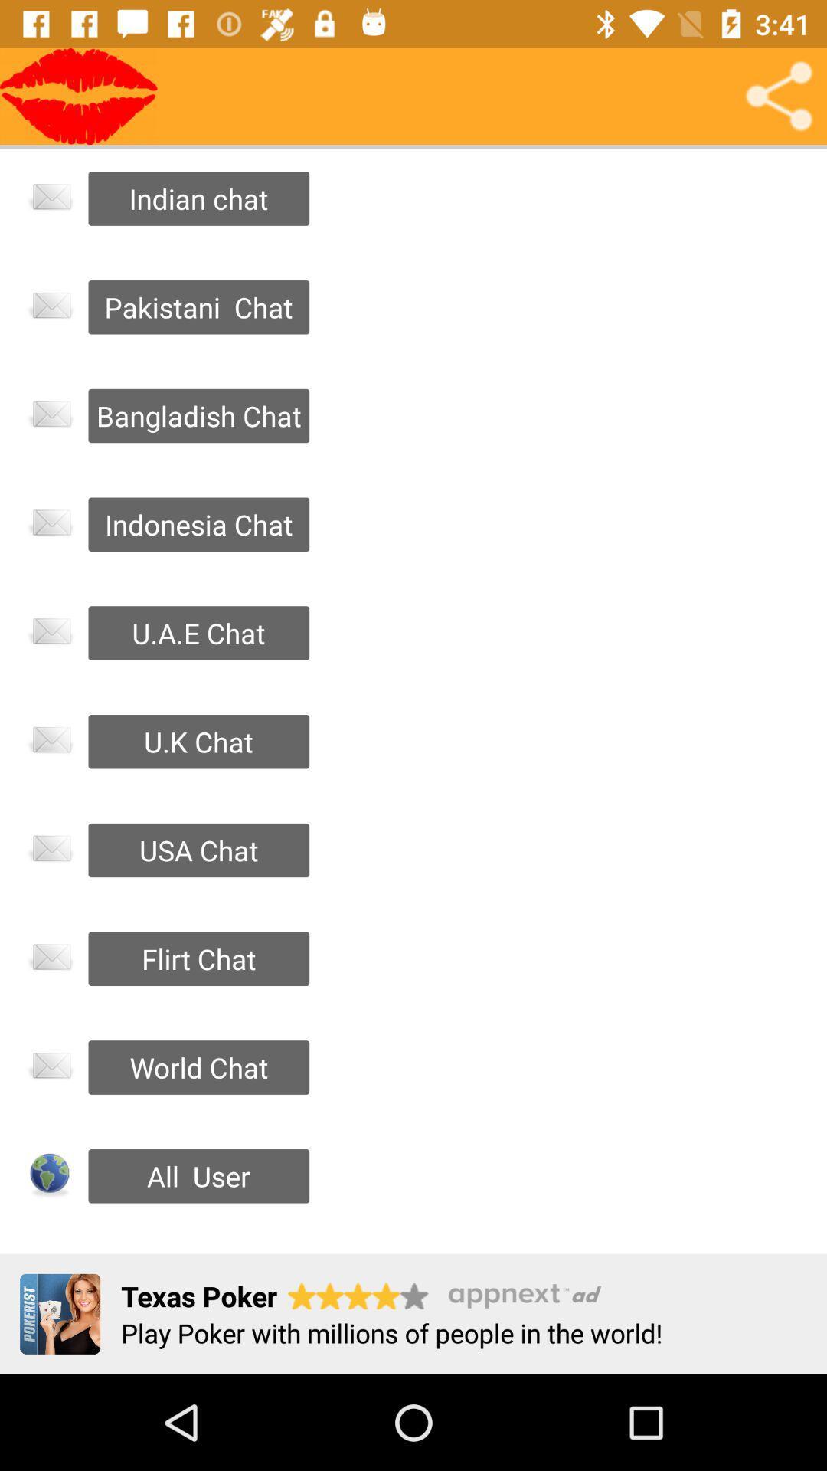 This screenshot has width=827, height=1471. I want to click on the share icon, so click(779, 95).